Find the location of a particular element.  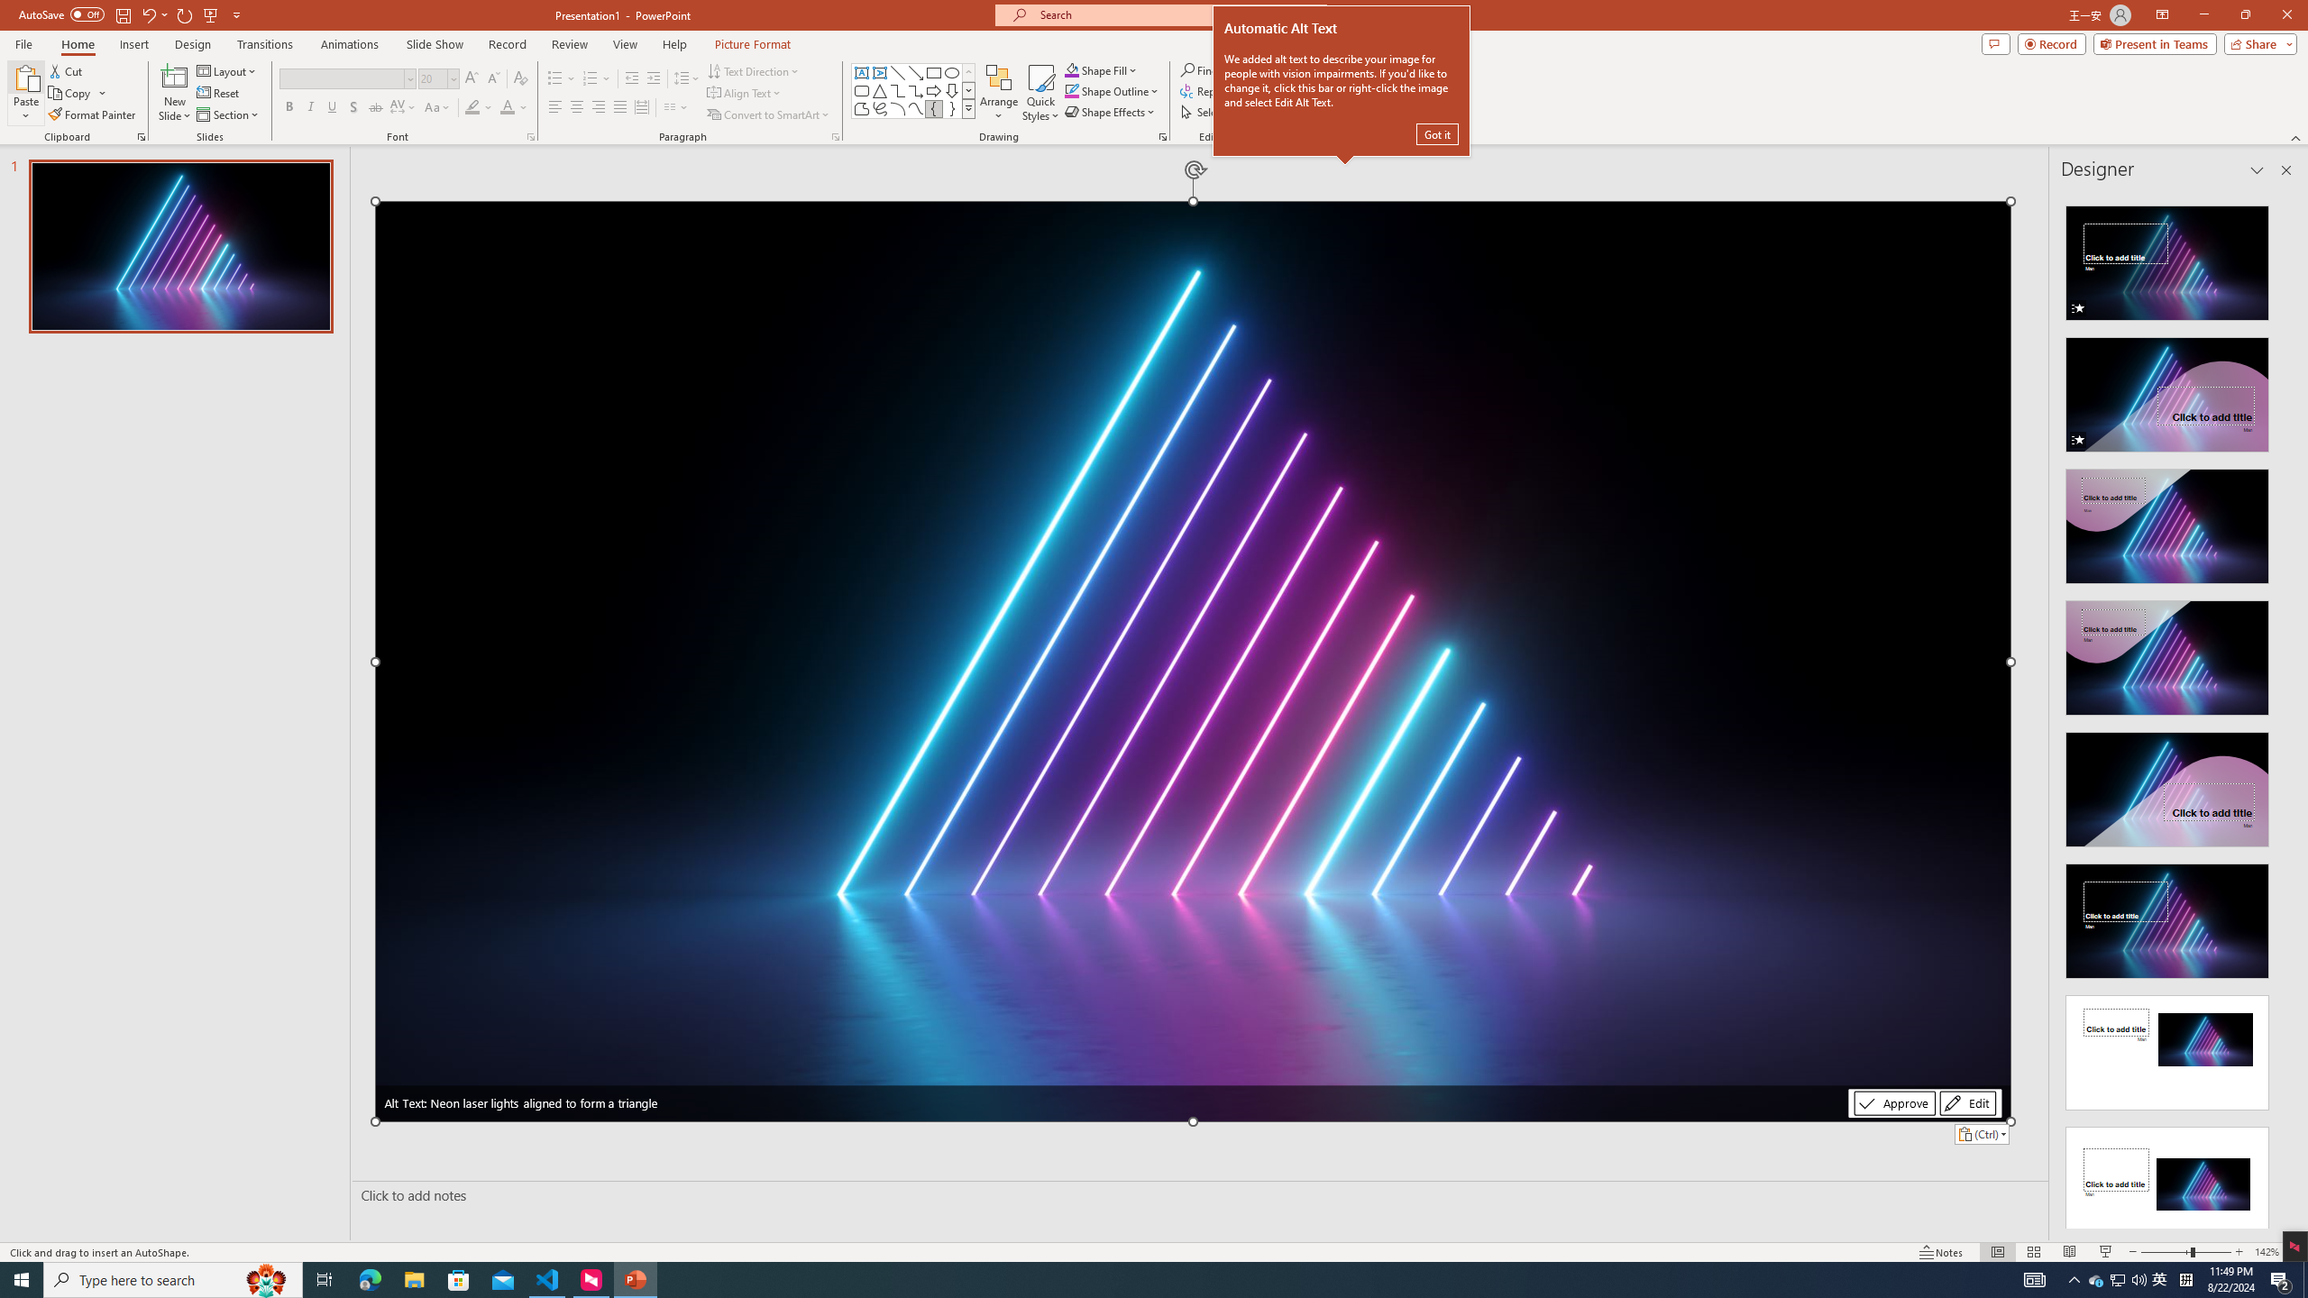

'Got it' is located at coordinates (1436, 134).